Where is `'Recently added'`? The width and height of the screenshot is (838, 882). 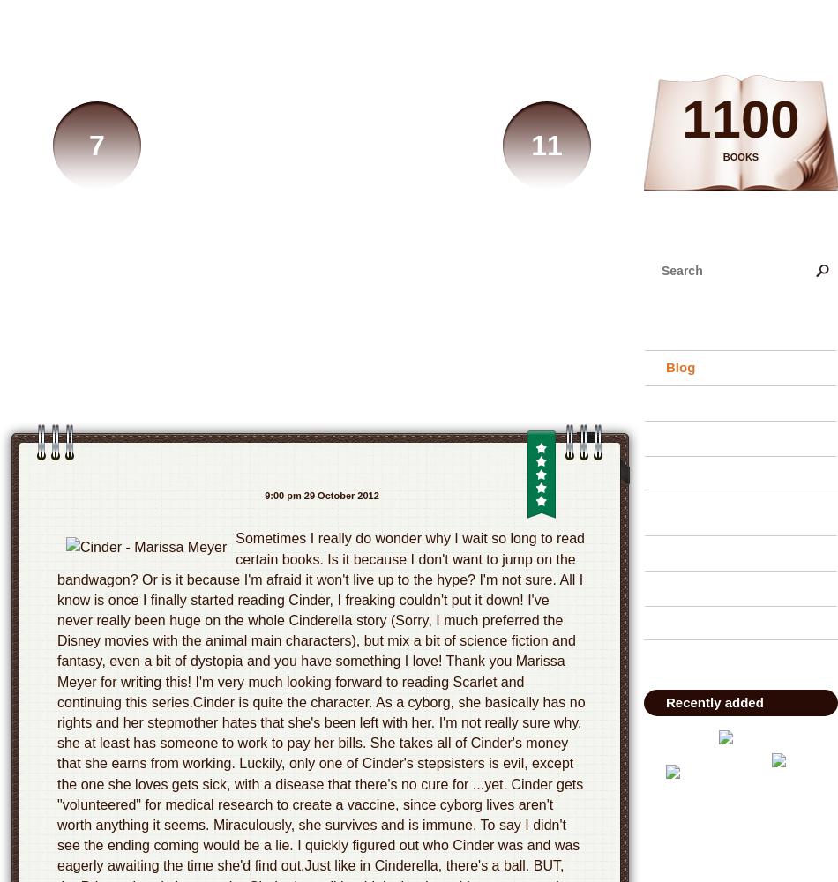 'Recently added' is located at coordinates (664, 702).